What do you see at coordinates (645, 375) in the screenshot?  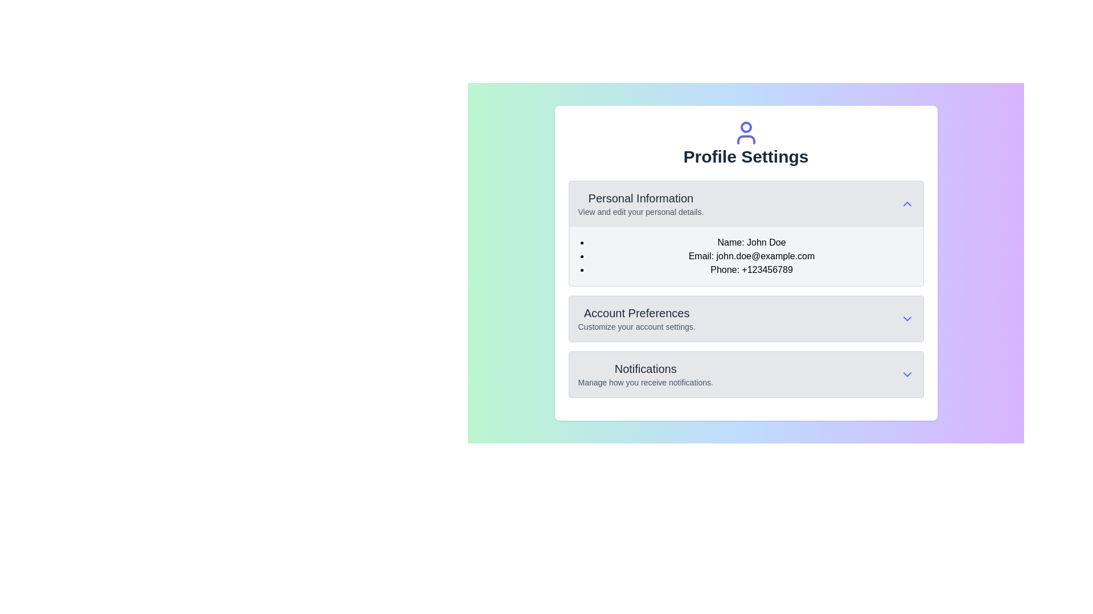 I see `the 'Notifications' section heading under 'Profile Settings'` at bounding box center [645, 375].